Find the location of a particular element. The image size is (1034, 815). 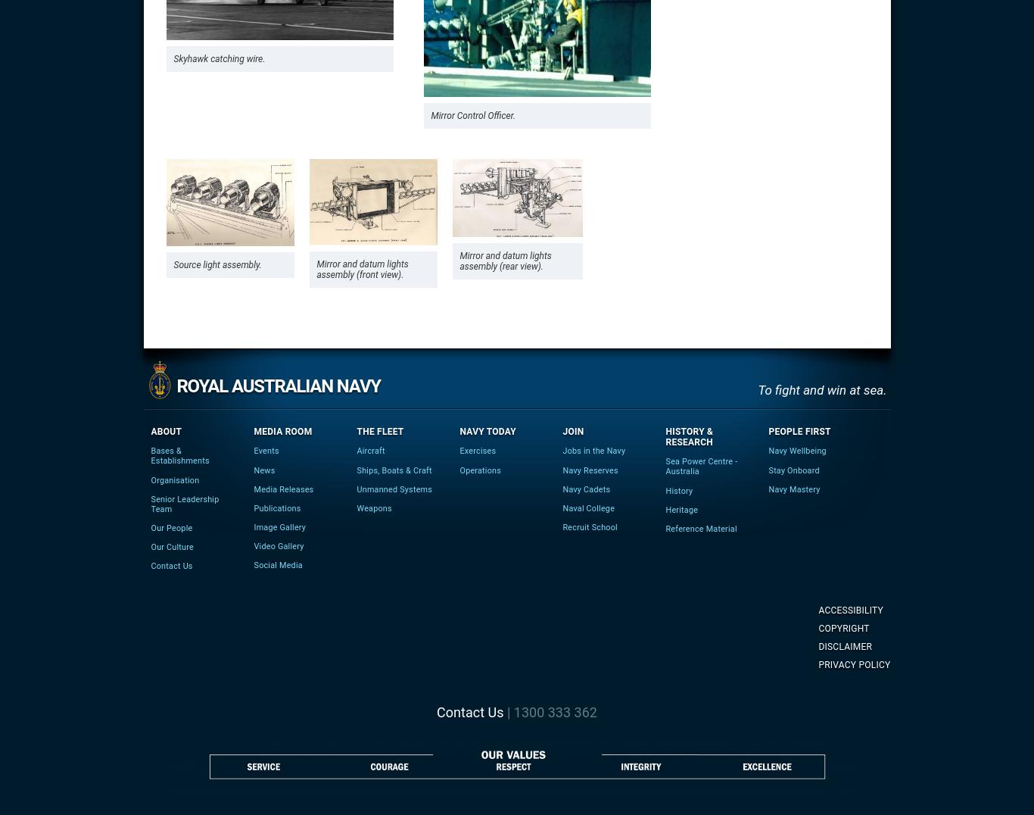

'Skyhawk catching wire.' is located at coordinates (219, 59).